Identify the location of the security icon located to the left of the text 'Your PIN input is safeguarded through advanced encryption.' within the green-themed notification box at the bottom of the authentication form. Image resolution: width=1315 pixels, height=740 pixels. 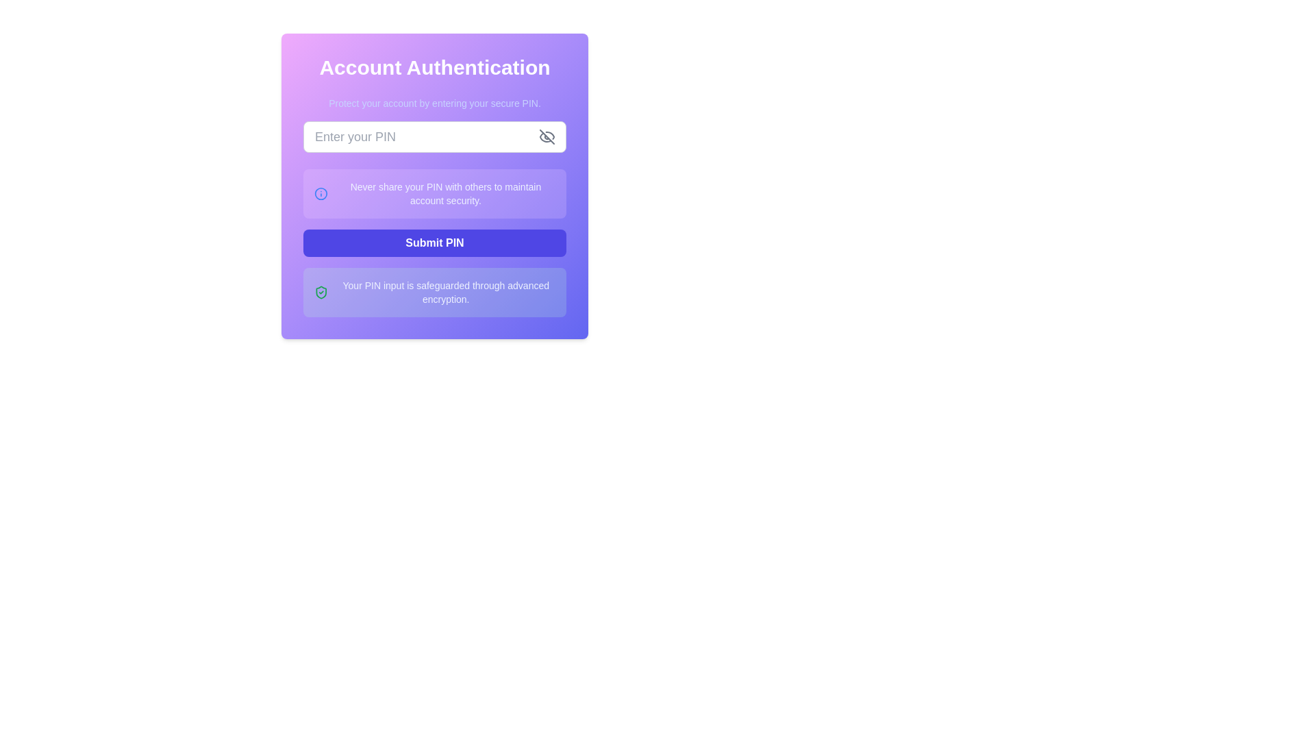
(321, 292).